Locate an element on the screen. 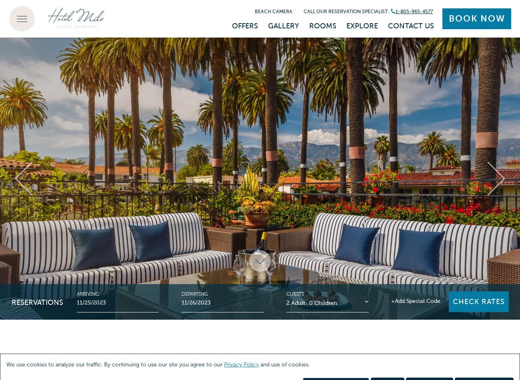 This screenshot has width=520, height=380. 'Offers' is located at coordinates (245, 26).